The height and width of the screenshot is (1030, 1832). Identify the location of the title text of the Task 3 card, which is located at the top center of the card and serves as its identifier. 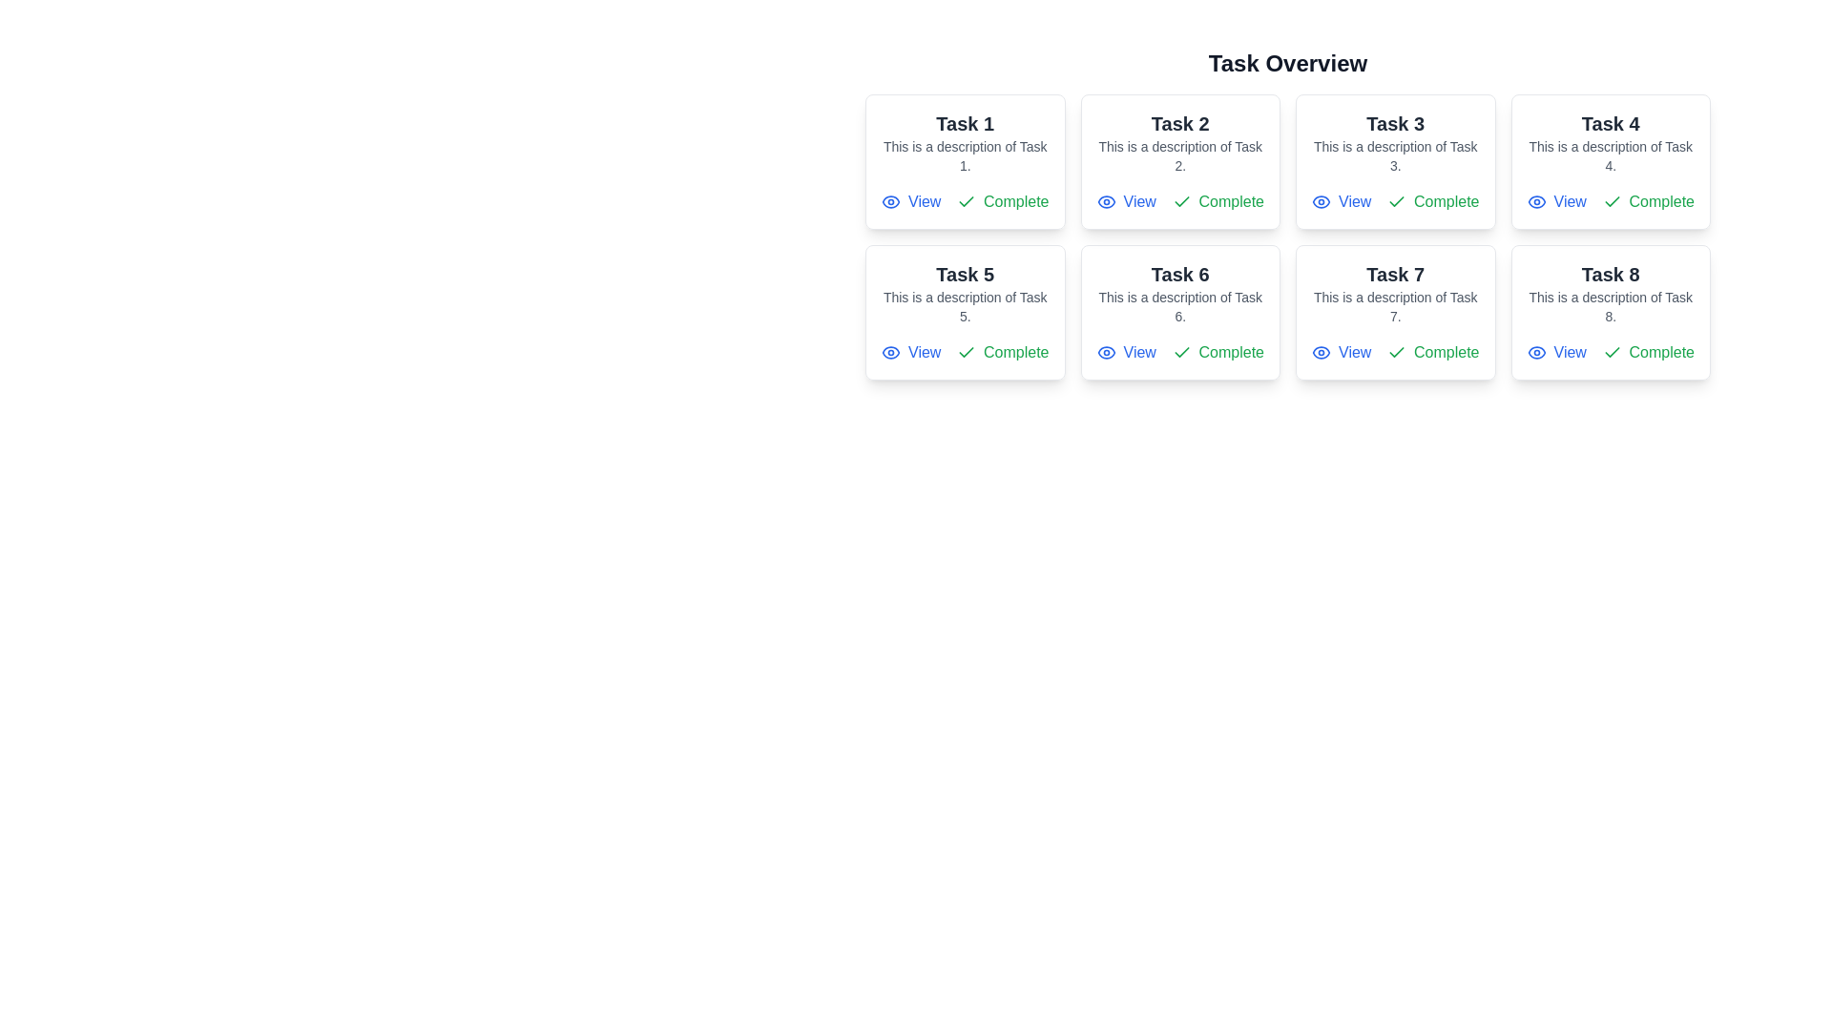
(1395, 124).